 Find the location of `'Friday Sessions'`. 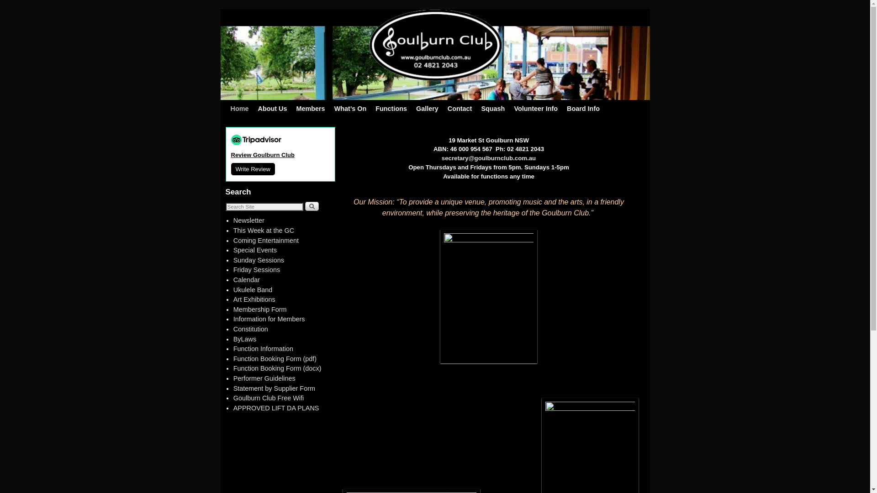

'Friday Sessions' is located at coordinates (256, 269).